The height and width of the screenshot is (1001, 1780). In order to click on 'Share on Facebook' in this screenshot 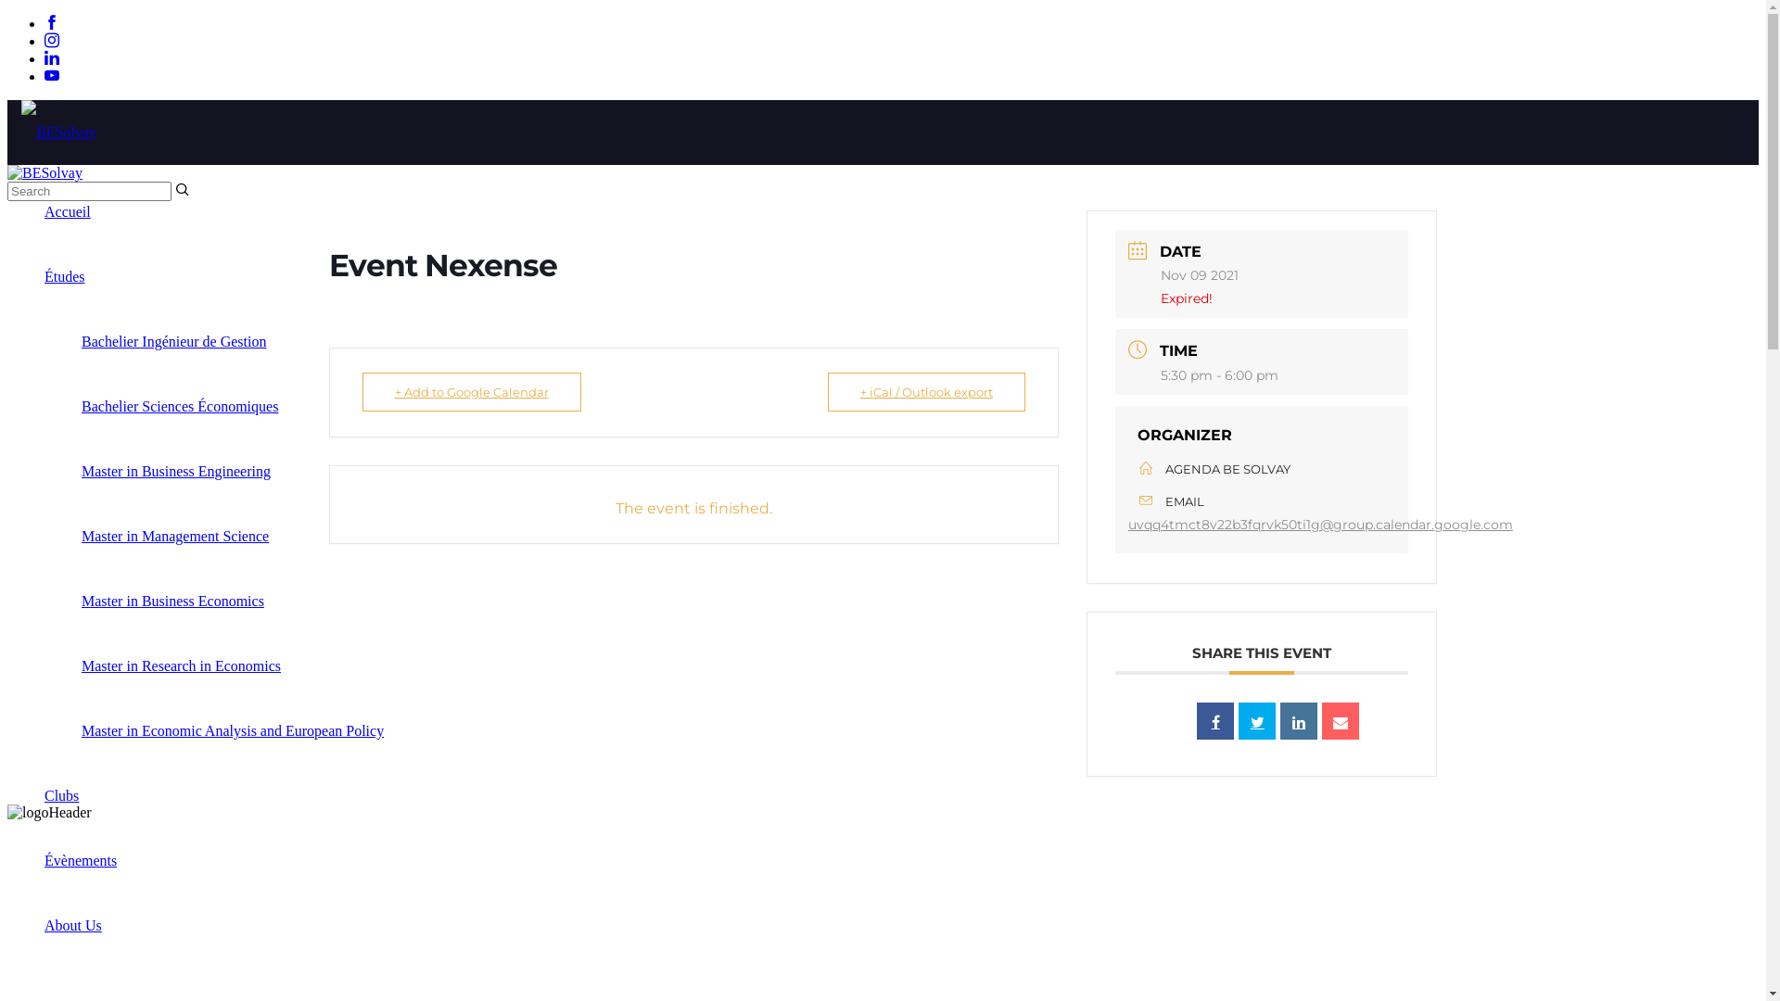, I will do `click(1214, 720)`.